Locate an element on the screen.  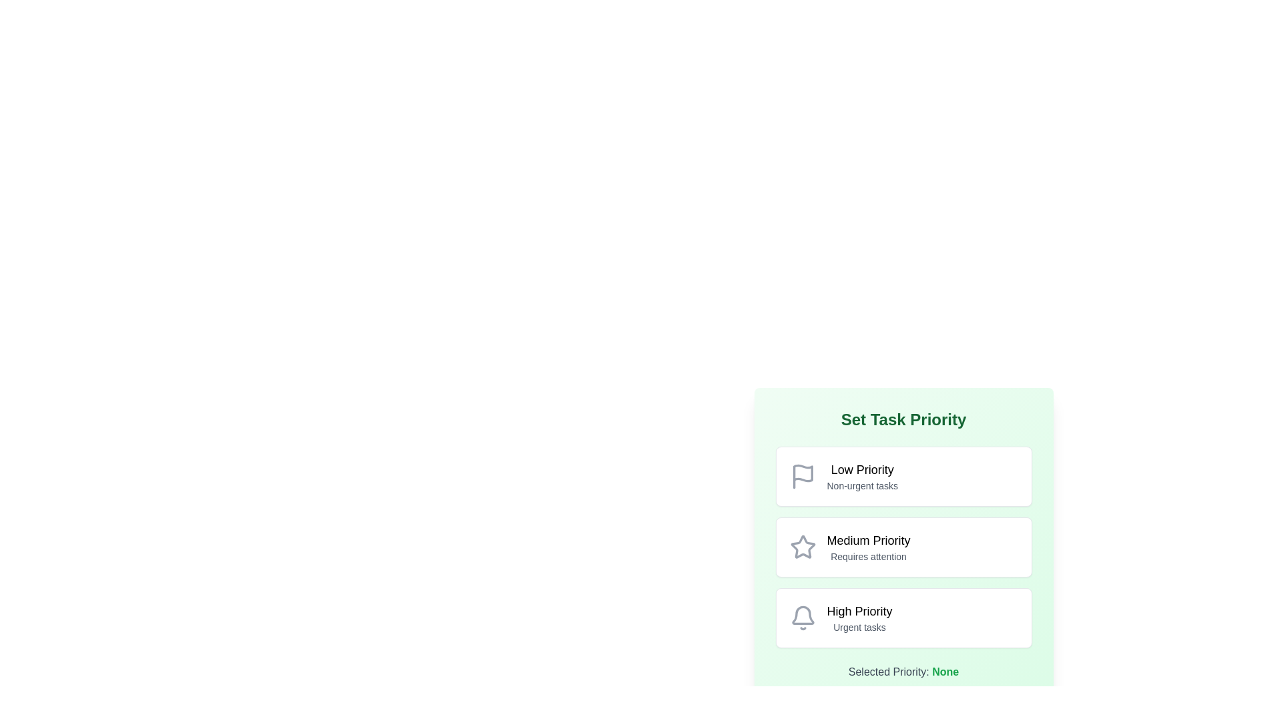
the text indicating the currently selected priority, which displays 'None' and is located at the bottom-center of the interface, to the right of 'Selected Priority:' is located at coordinates (945, 672).